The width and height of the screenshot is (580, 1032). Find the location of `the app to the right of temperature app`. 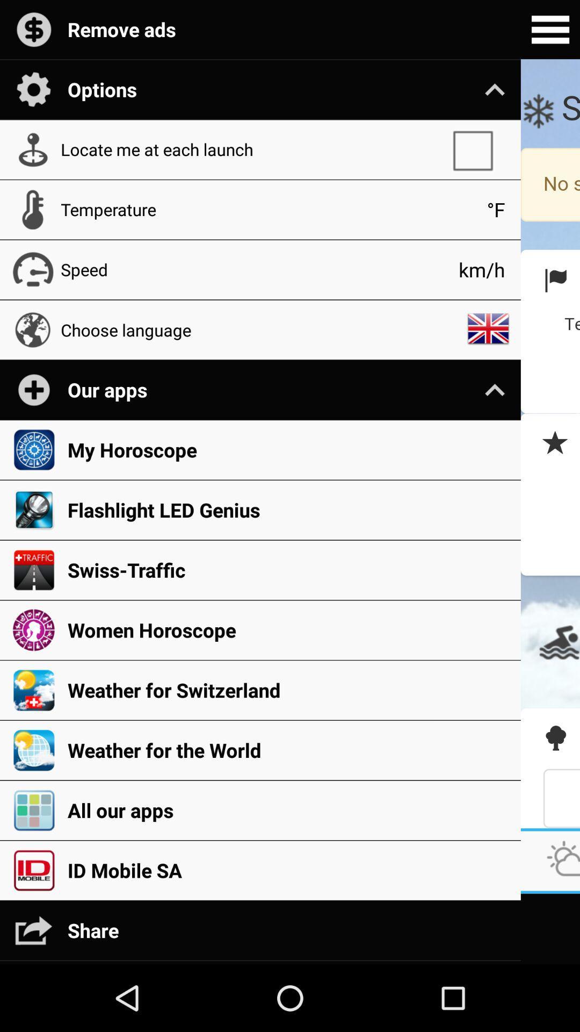

the app to the right of temperature app is located at coordinates (496, 210).